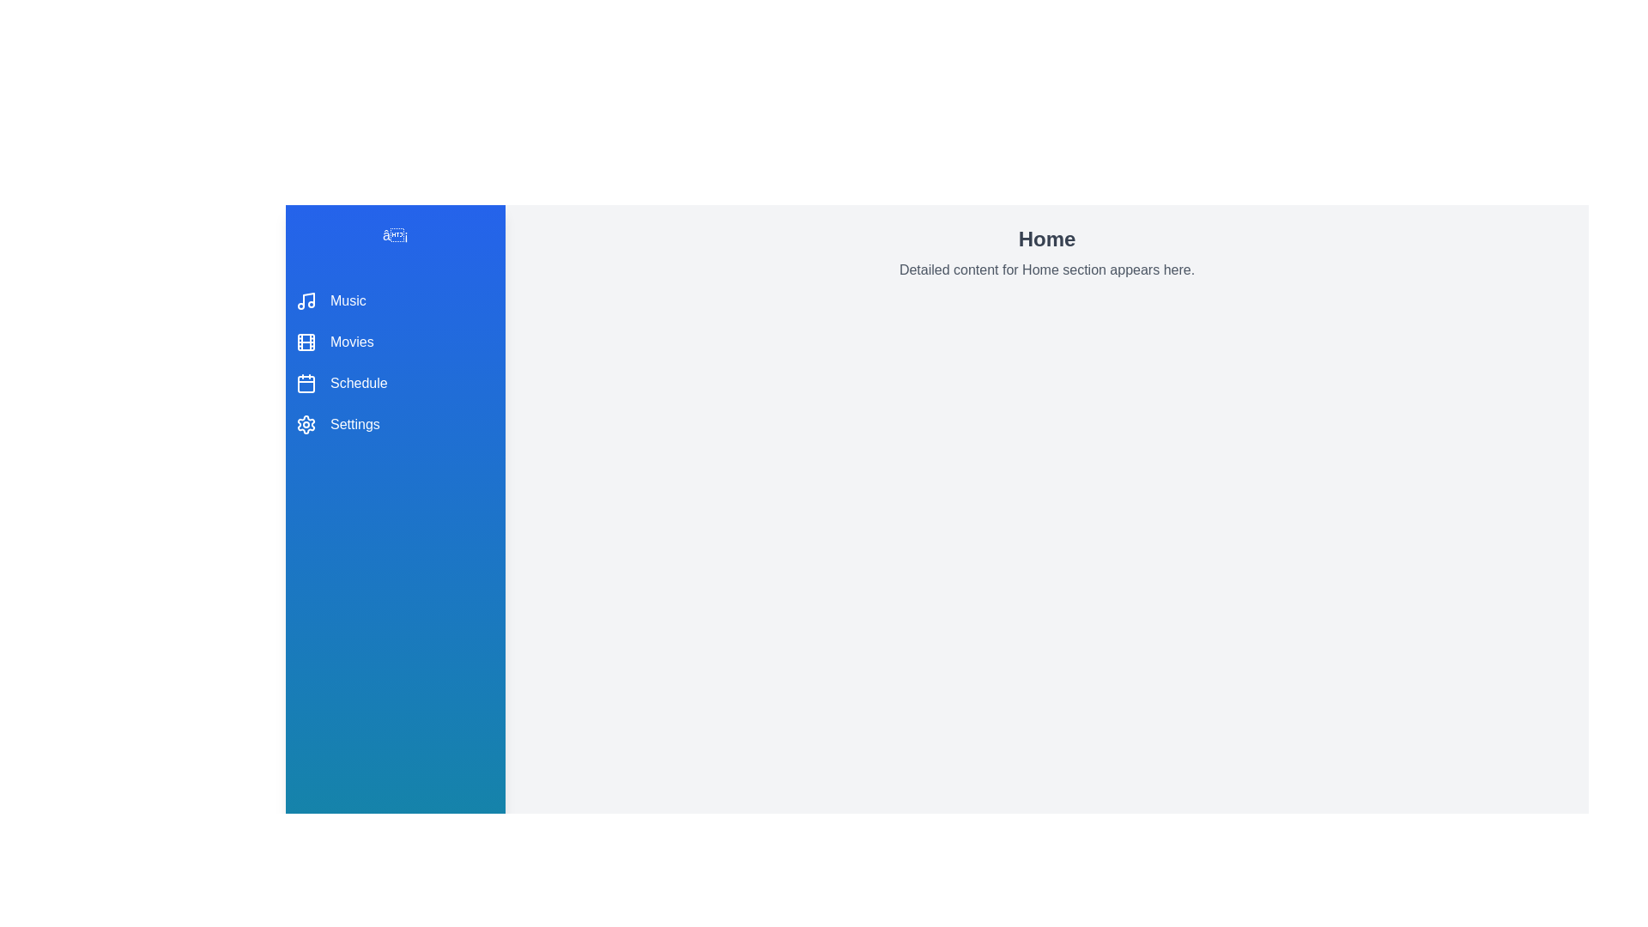 This screenshot has width=1648, height=927. I want to click on the menu item Movies to view its details, so click(394, 342).